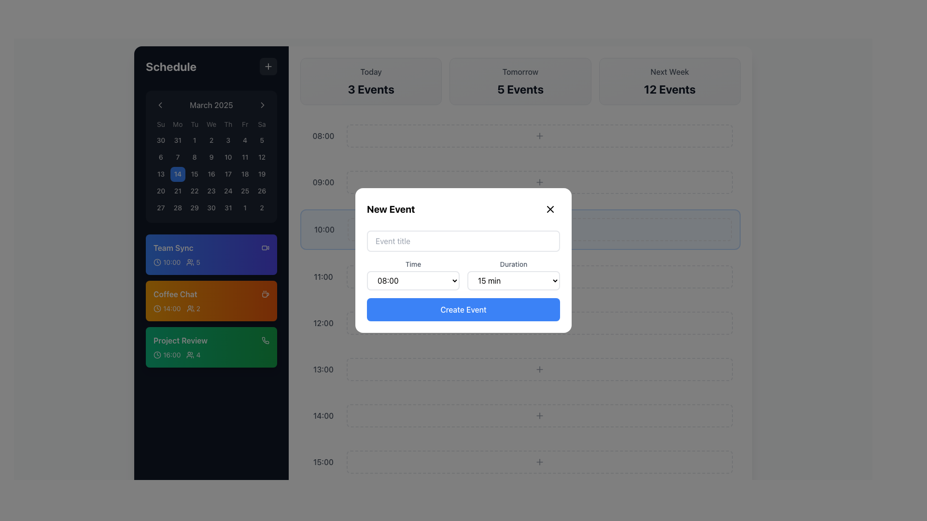 The image size is (927, 521). I want to click on the 'Coffee Chat' event button located in the 'Schedule' section, which is the second item in a vertical list of events, so click(211, 301).